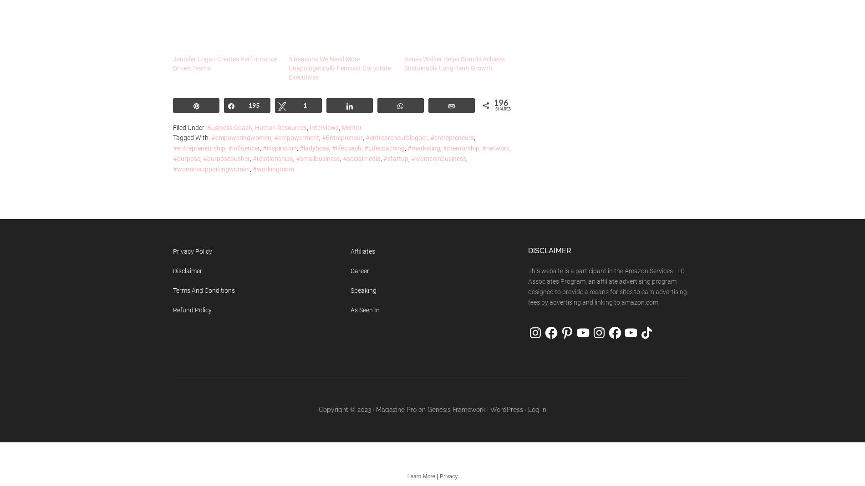 This screenshot has width=865, height=486. Describe the element at coordinates (420, 476) in the screenshot. I see `'Learn More'` at that location.